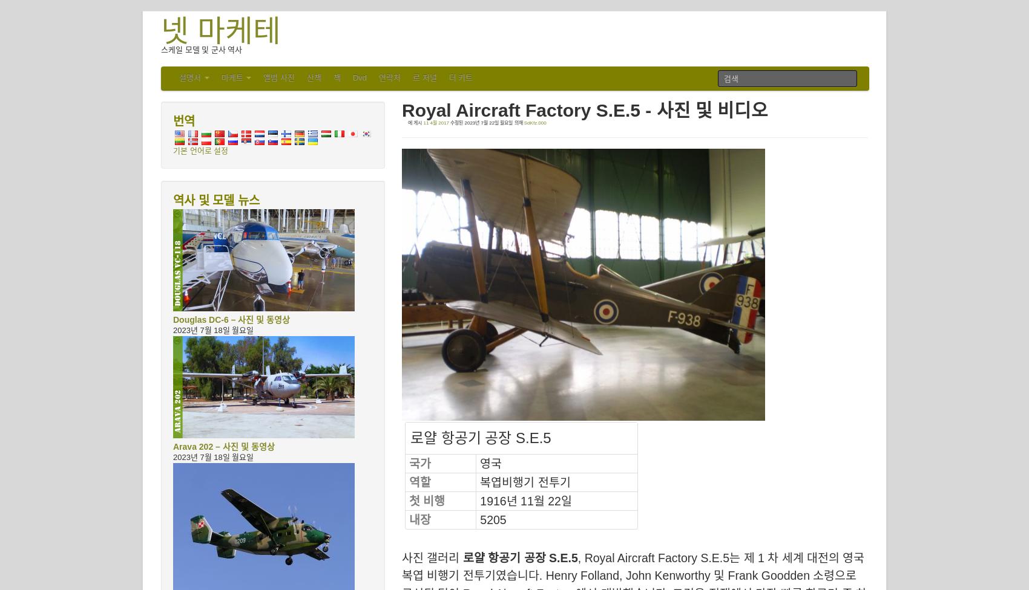  What do you see at coordinates (525, 501) in the screenshot?
I see `'1916년 11월 22일'` at bounding box center [525, 501].